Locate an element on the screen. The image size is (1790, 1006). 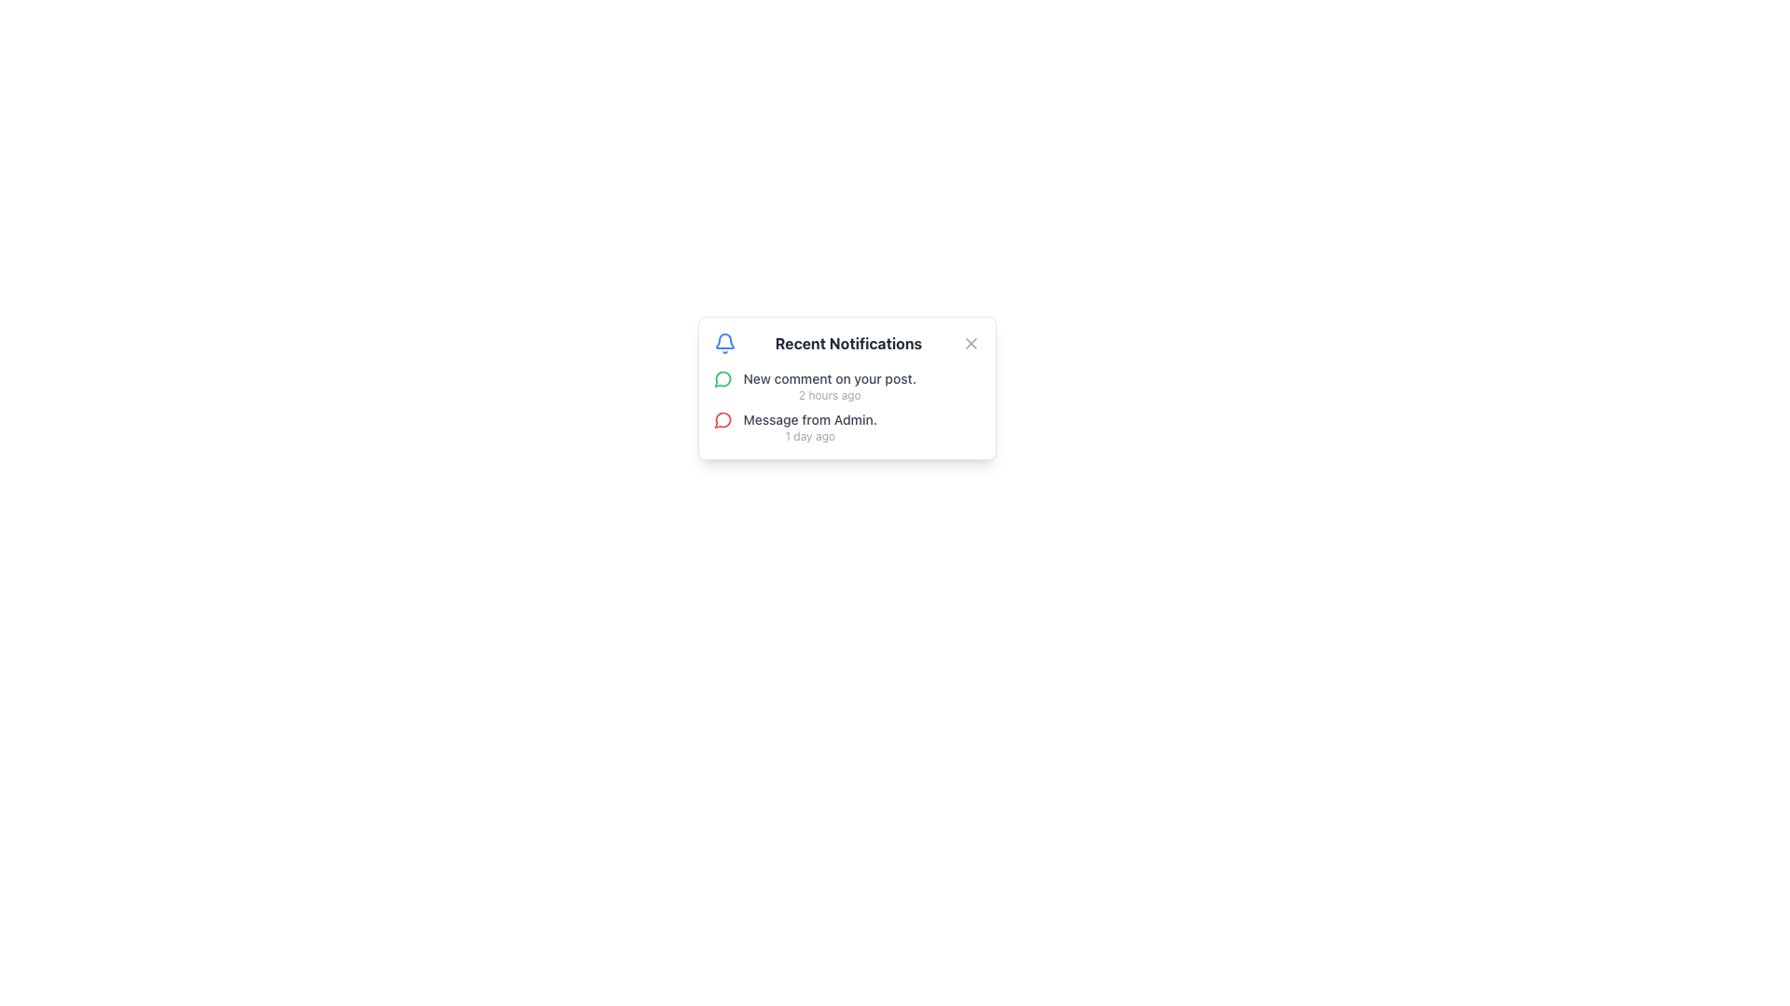
the message/comment notification icon located within the second notification item of the notification card interface is located at coordinates (722, 378).